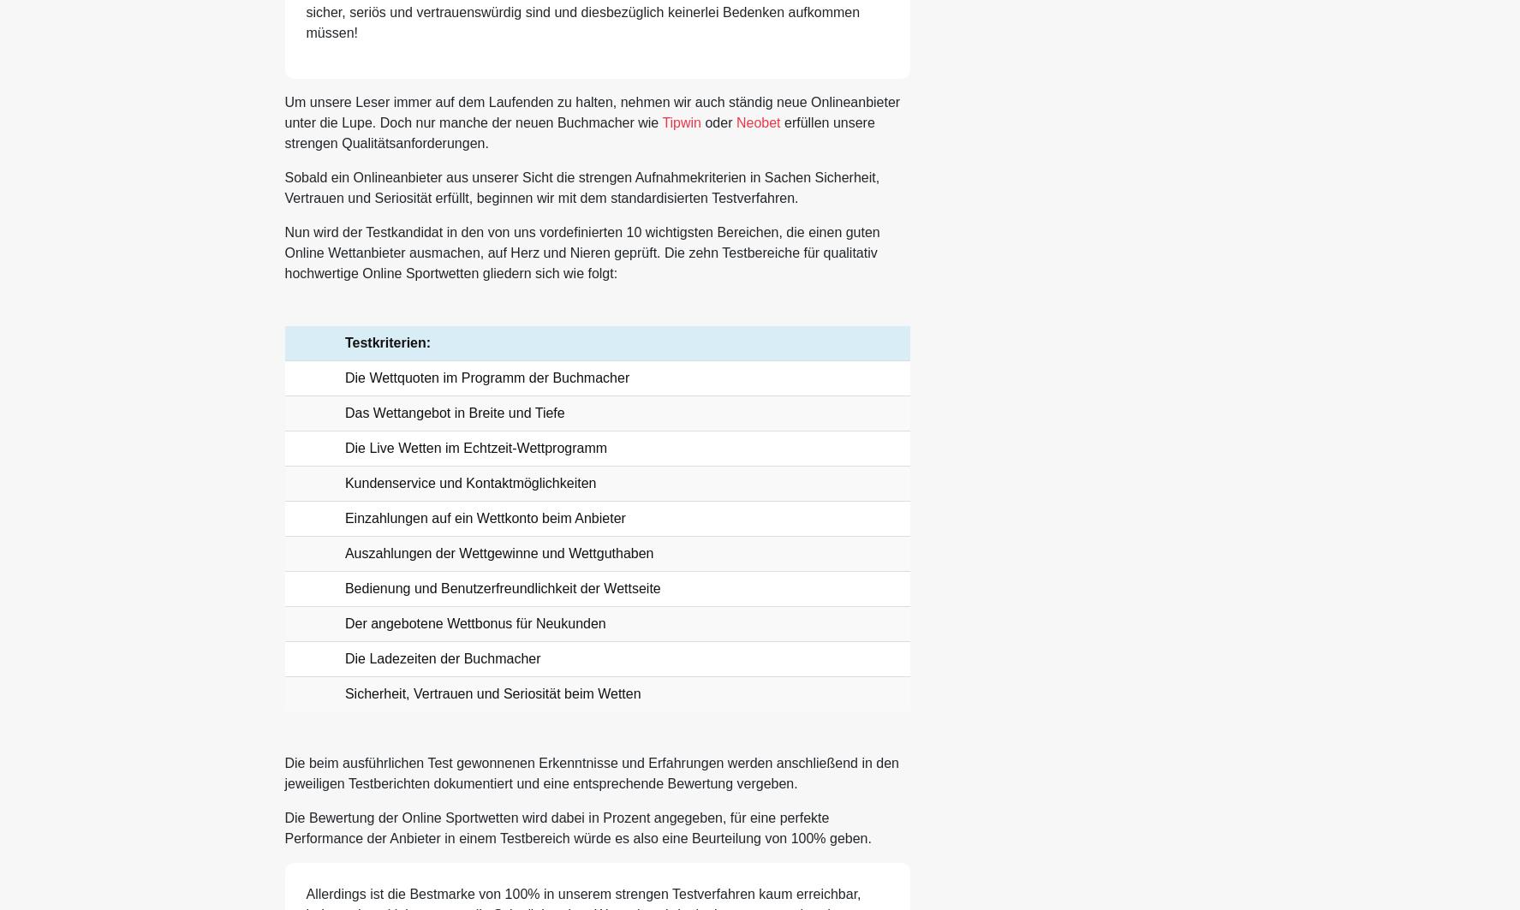 This screenshot has height=910, width=1520. Describe the element at coordinates (486, 378) in the screenshot. I see `'Die Wettquoten im Programm der Buchmacher'` at that location.